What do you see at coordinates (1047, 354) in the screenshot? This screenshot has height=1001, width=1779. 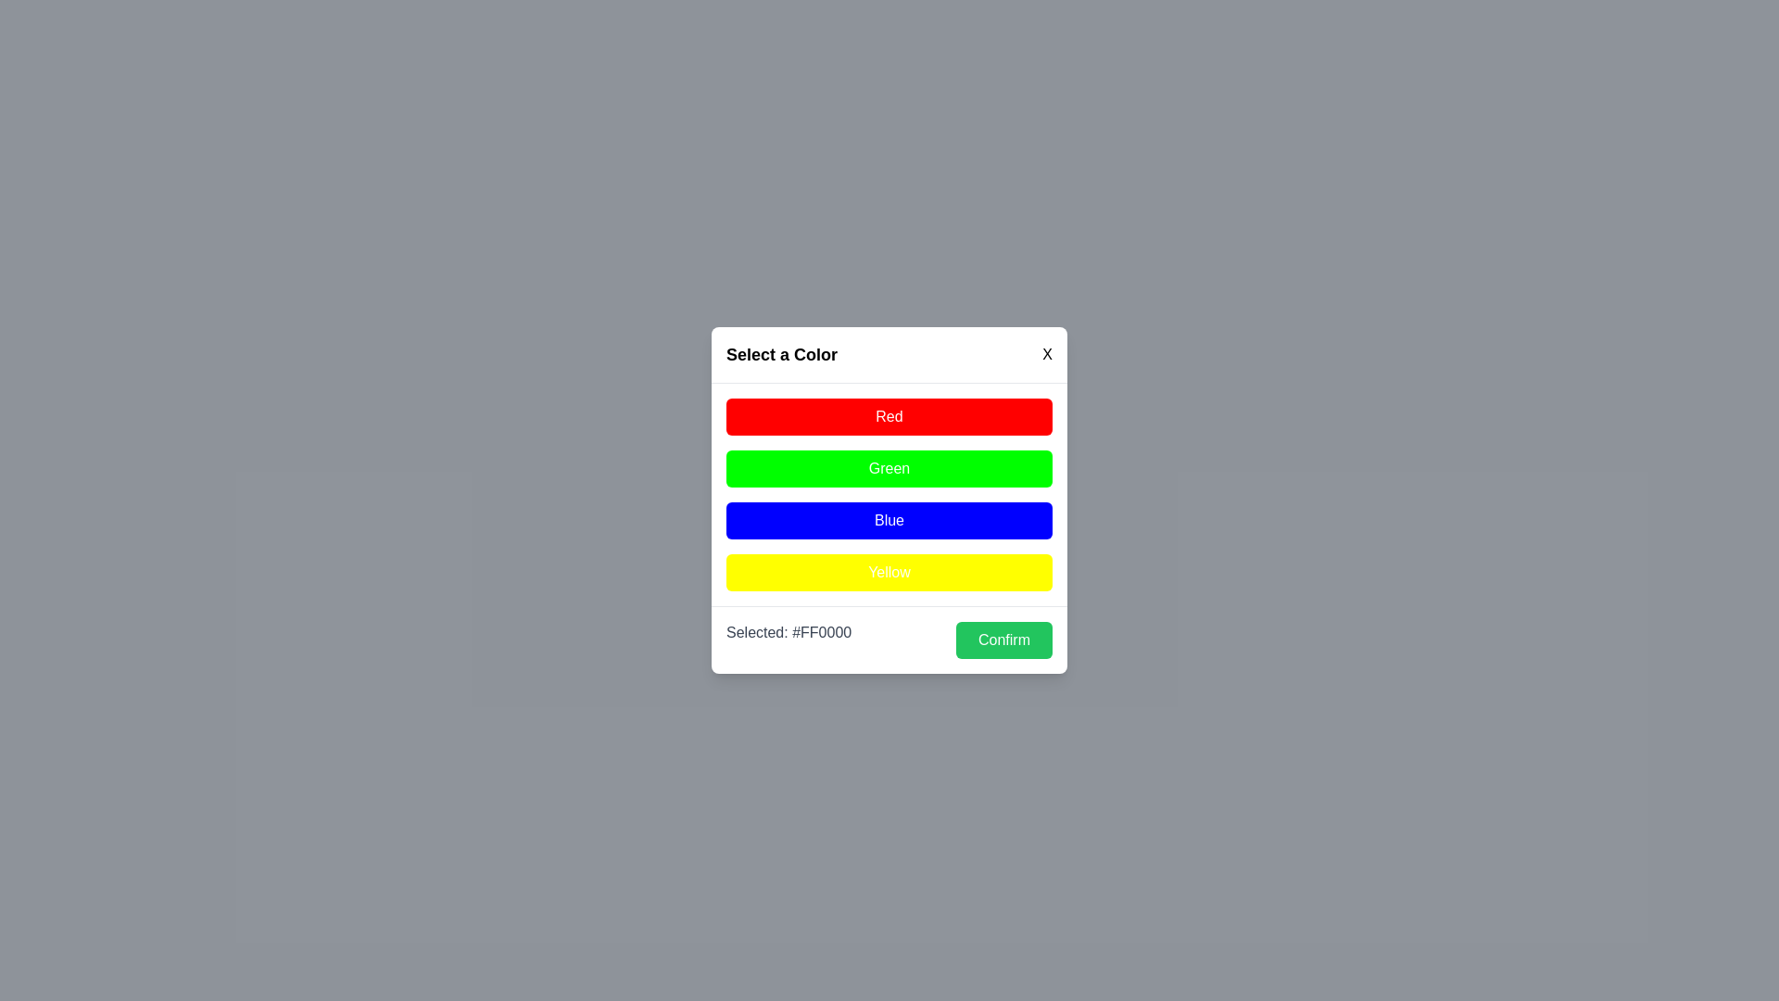 I see `the close button (X) to close the dialog` at bounding box center [1047, 354].